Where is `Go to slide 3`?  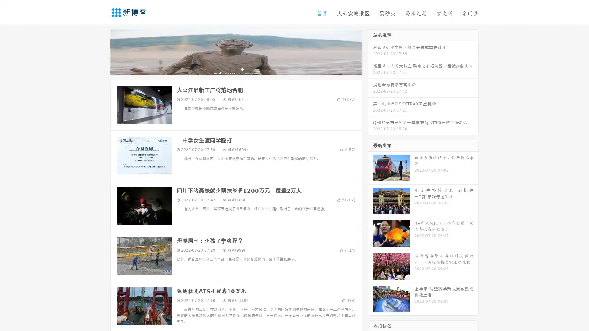 Go to slide 3 is located at coordinates (242, 69).